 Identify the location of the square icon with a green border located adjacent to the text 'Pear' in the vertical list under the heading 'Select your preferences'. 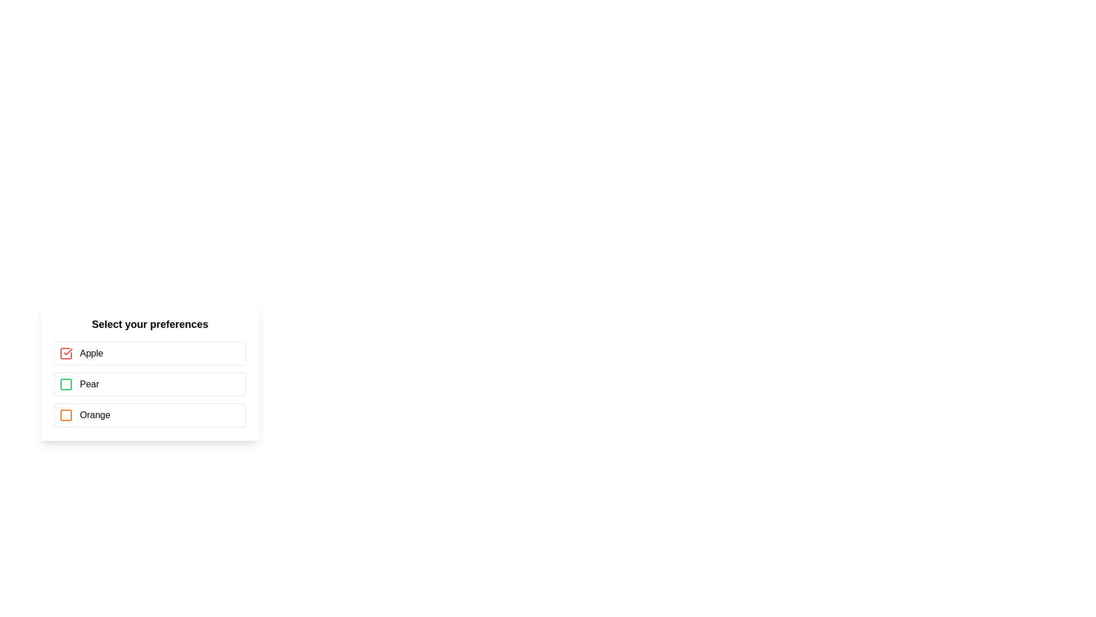
(65, 384).